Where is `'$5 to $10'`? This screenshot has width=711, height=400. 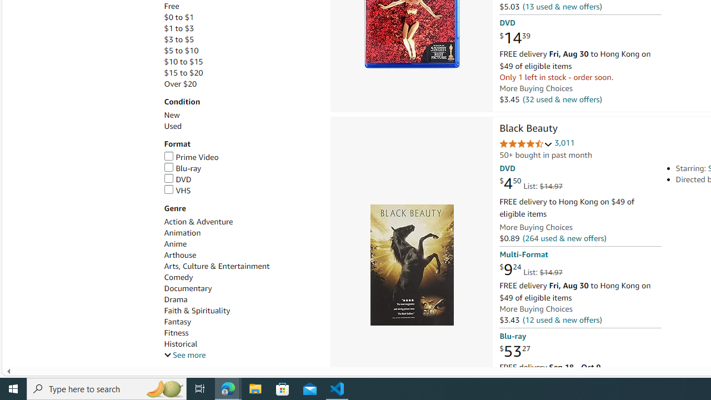 '$5 to $10' is located at coordinates (241, 51).